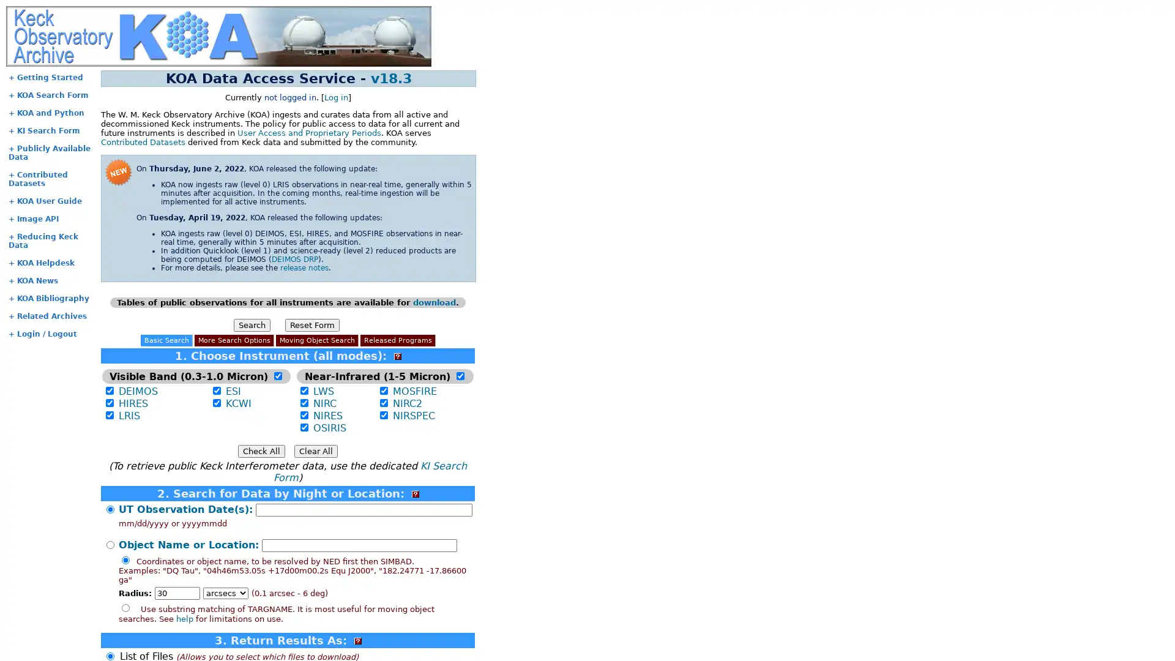  What do you see at coordinates (251, 324) in the screenshot?
I see `Search` at bounding box center [251, 324].